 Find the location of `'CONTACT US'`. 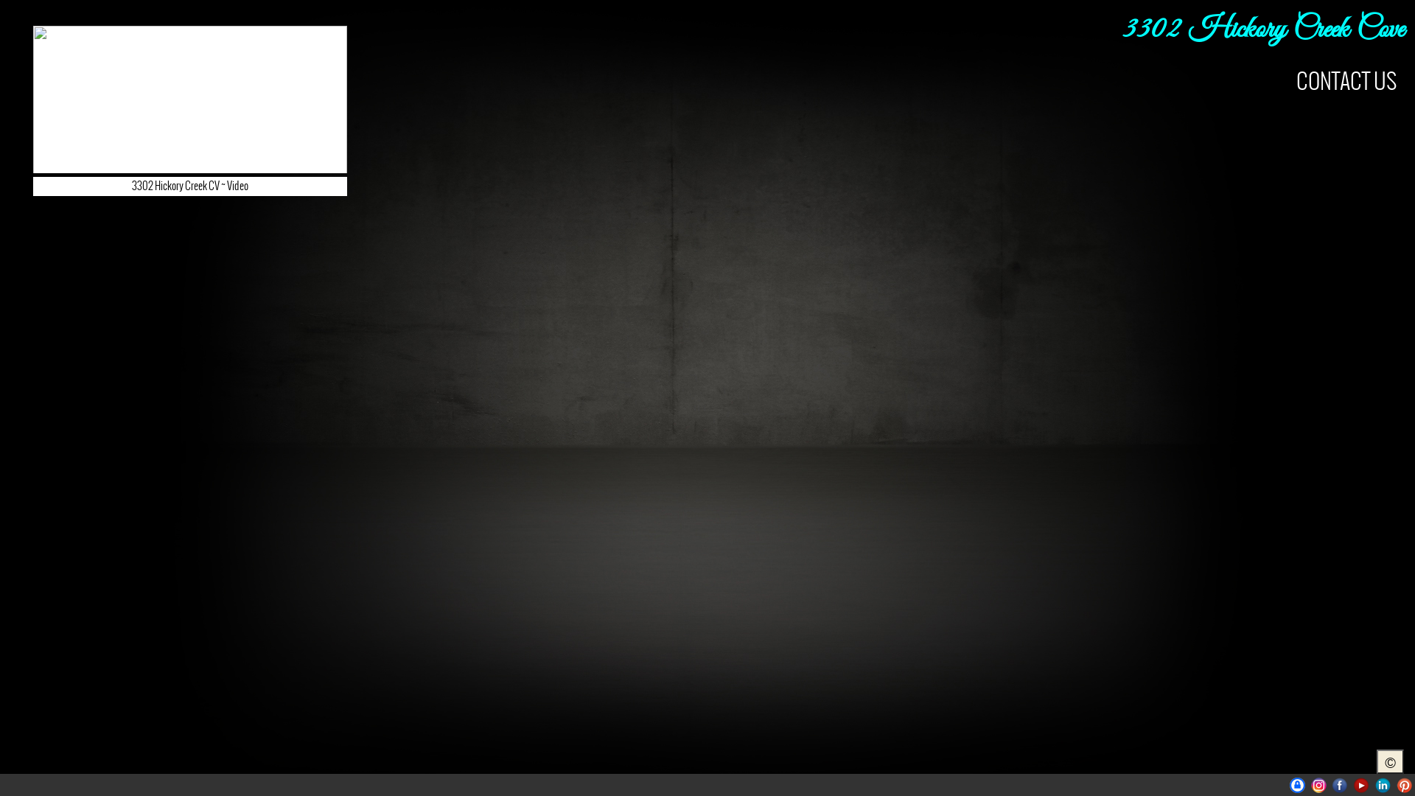

'CONTACT US' is located at coordinates (1346, 81).